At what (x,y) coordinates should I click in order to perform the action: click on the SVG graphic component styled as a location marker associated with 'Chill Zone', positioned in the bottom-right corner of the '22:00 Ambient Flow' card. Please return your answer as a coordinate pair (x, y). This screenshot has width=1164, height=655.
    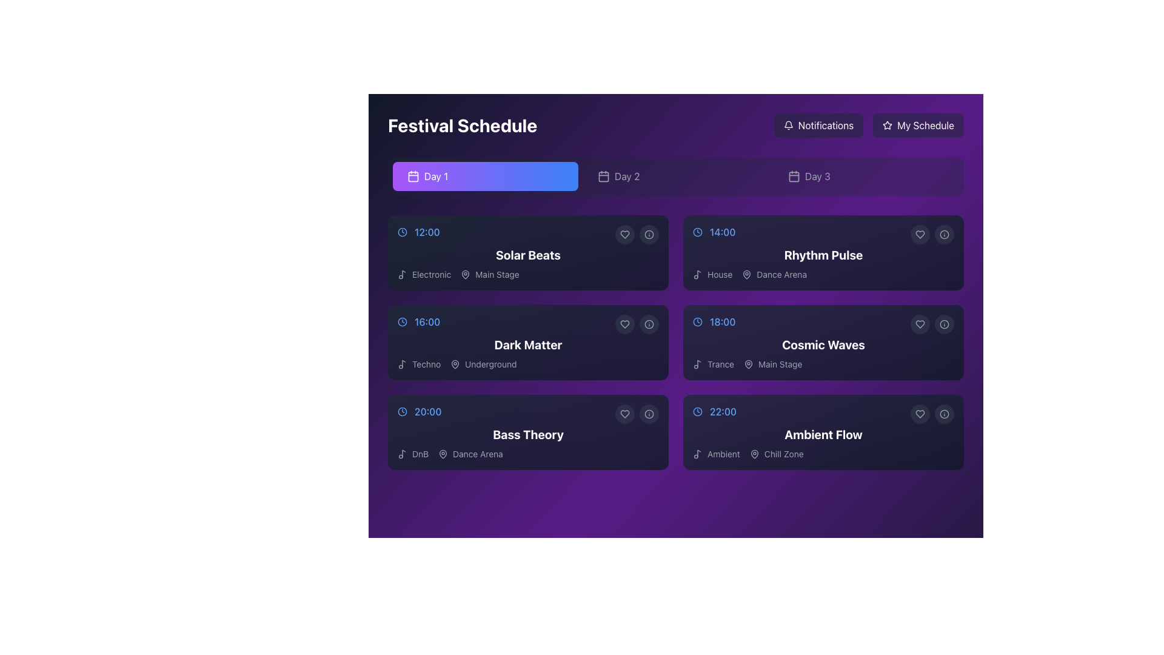
    Looking at the image, I should click on (754, 454).